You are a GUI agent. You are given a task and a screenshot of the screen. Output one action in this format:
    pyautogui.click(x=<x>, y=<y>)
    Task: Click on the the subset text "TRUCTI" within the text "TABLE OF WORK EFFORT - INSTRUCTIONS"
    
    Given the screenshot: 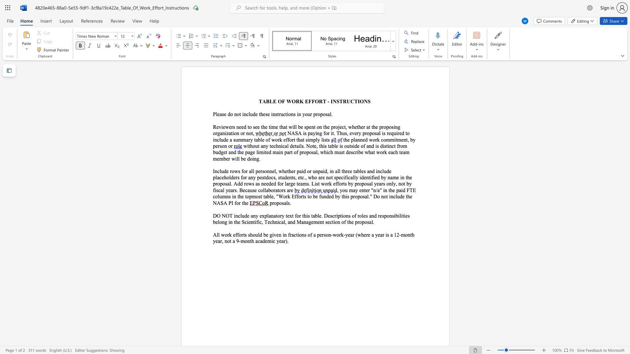 What is the action you would take?
    pyautogui.click(x=339, y=101)
    